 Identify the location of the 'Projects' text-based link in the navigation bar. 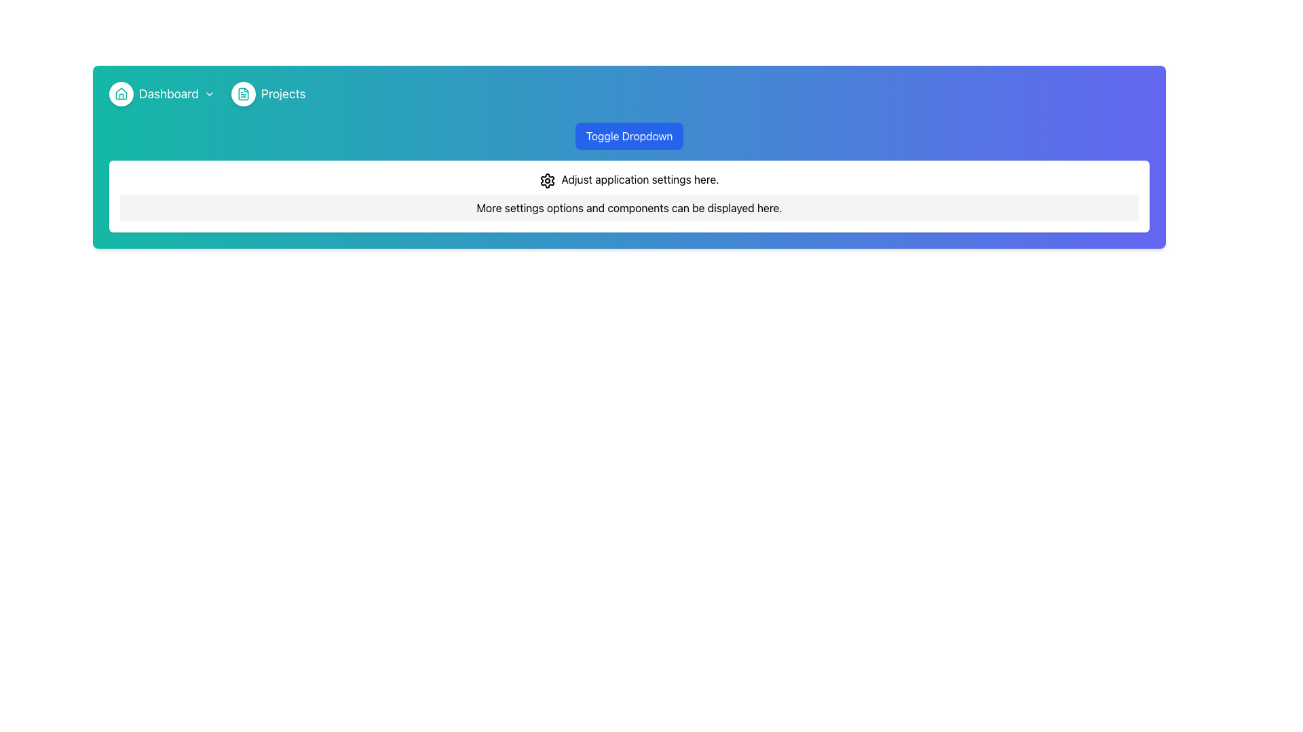
(282, 93).